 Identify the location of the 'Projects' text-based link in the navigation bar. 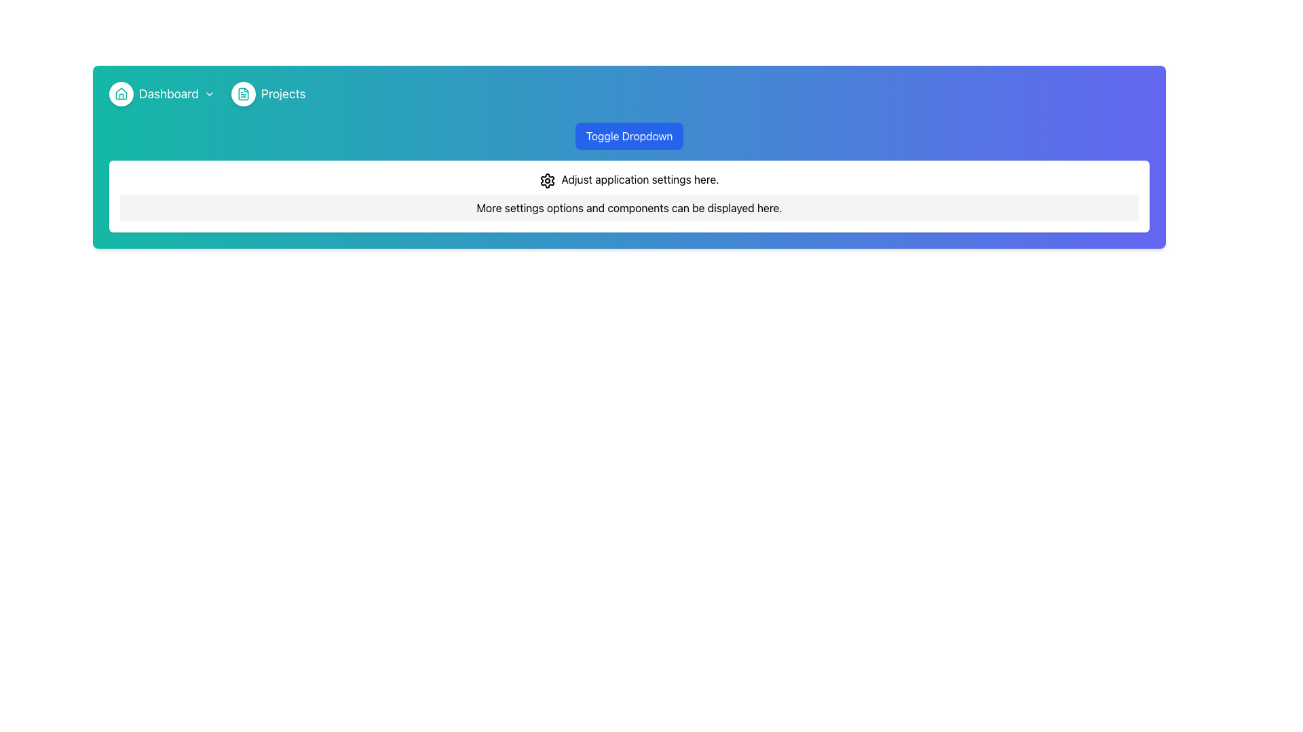
(282, 93).